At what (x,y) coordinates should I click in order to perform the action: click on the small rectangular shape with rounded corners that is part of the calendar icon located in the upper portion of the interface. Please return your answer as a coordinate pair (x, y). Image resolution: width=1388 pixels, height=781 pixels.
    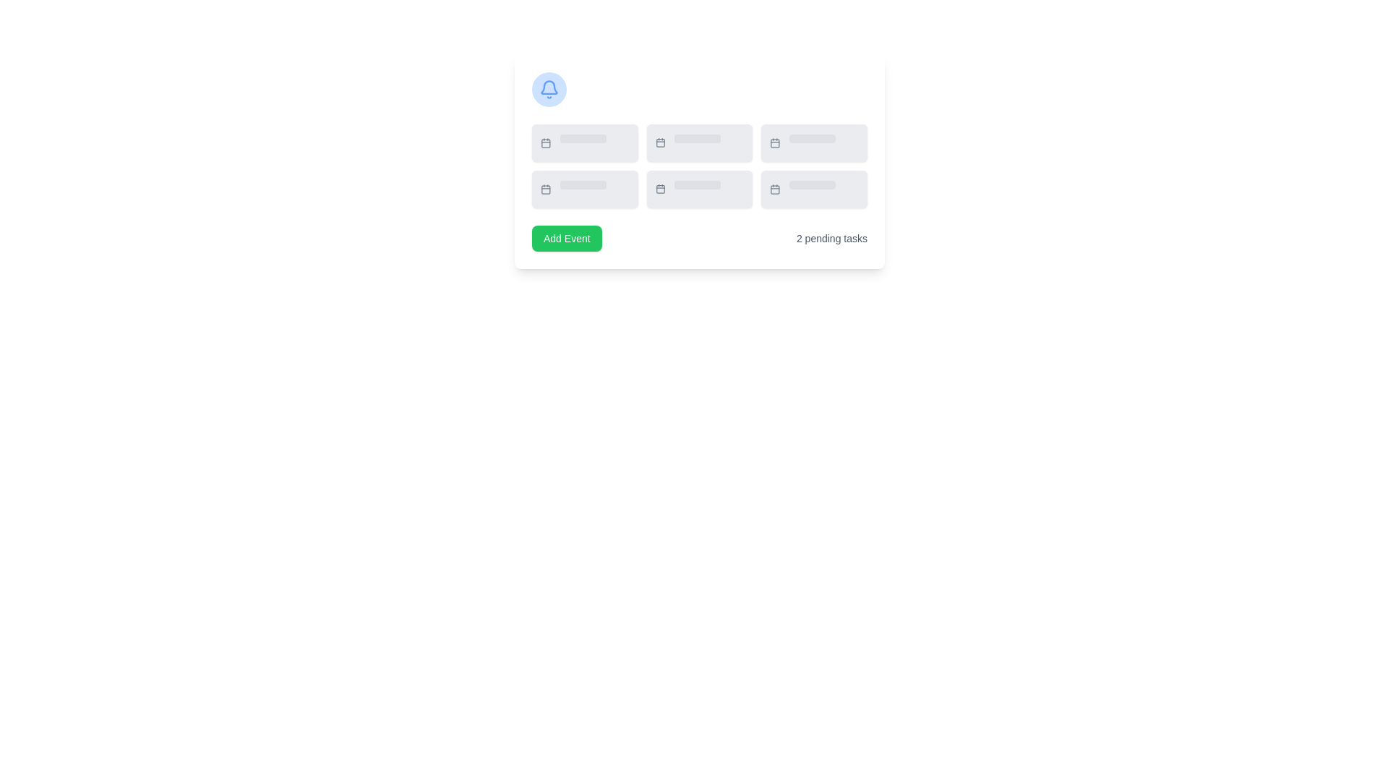
    Looking at the image, I should click on (545, 143).